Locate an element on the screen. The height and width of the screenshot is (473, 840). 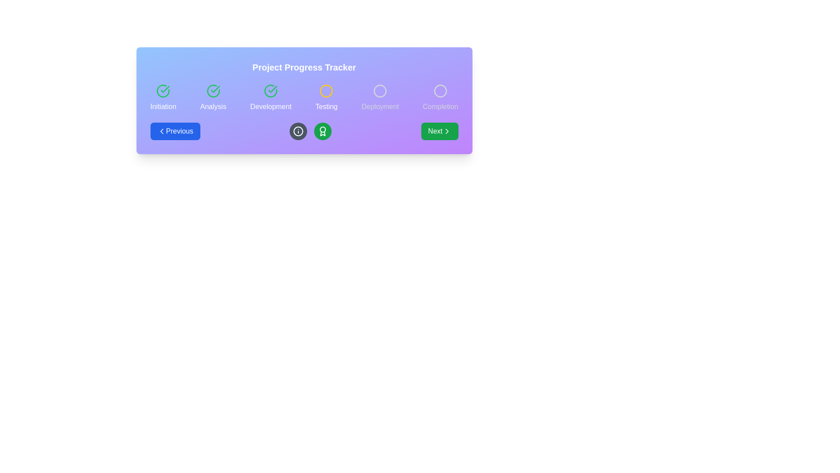
the 'Development' phase completion icon in the project progress tracker to visually indicate its completion status is located at coordinates (270, 91).